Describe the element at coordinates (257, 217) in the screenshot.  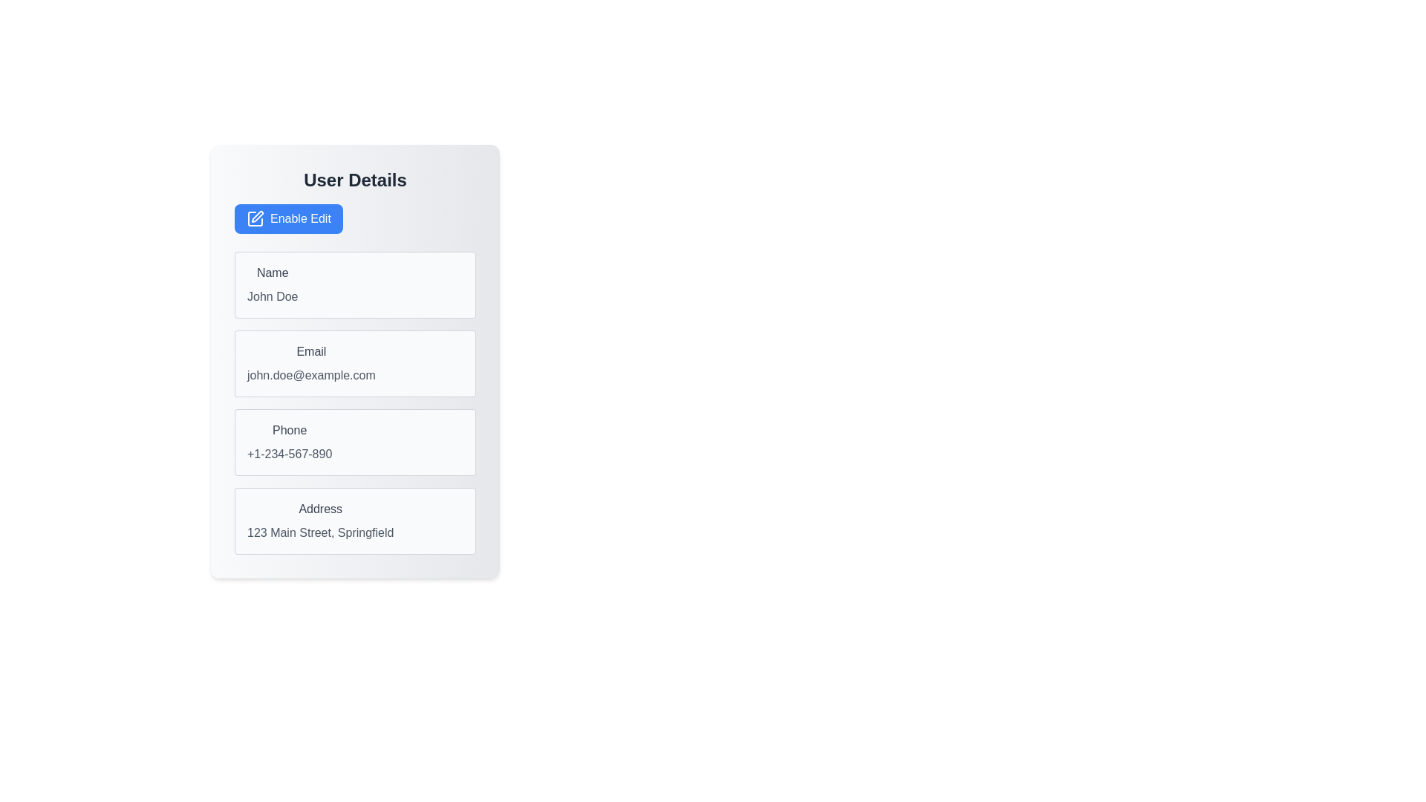
I see `the SVG icon indicating the edit functionality, located at the leftmost part of the blue 'Enable Edit' button near the top of the interface` at that location.